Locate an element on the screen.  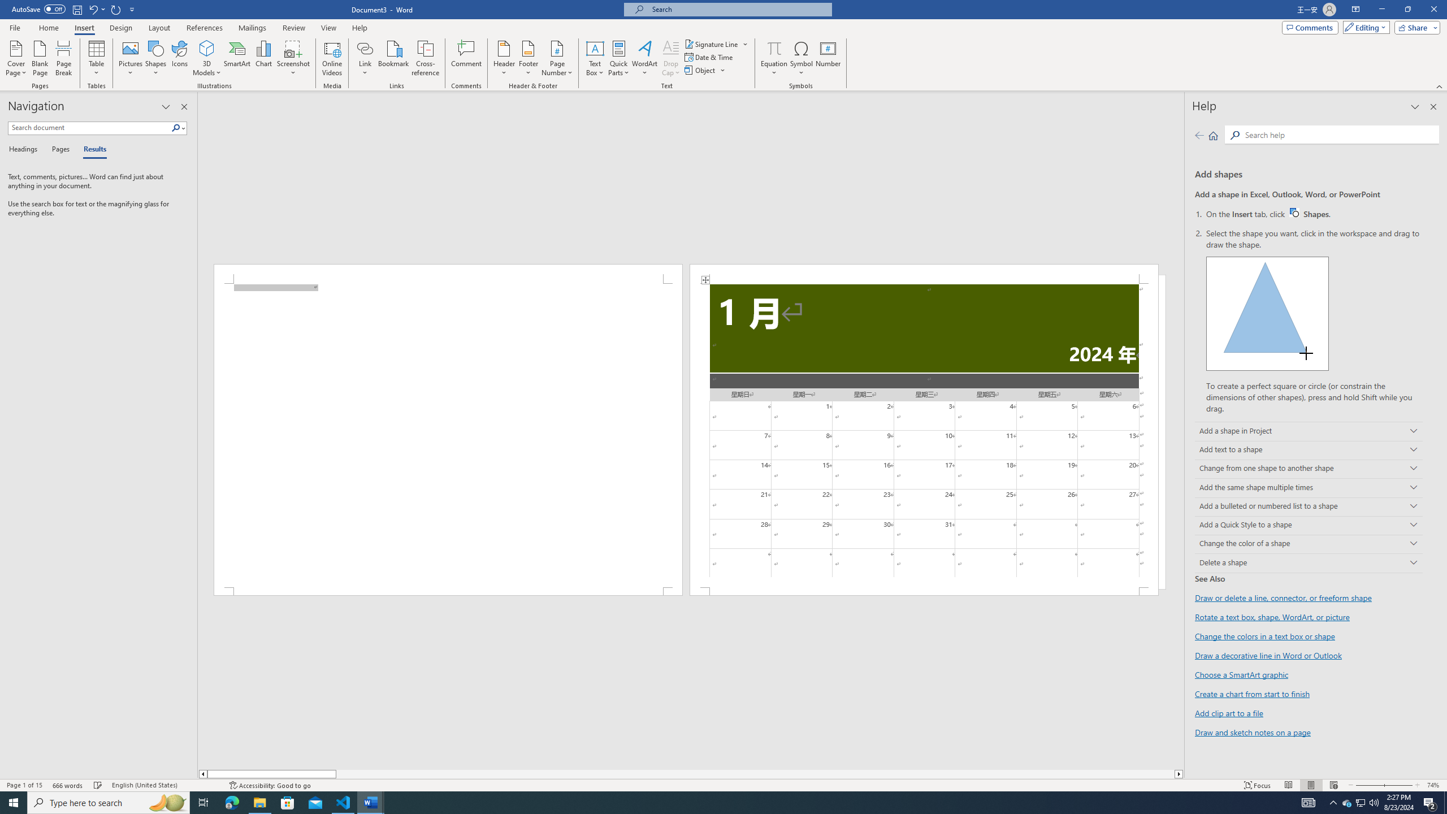
'Collapse the Ribbon' is located at coordinates (1440, 86).